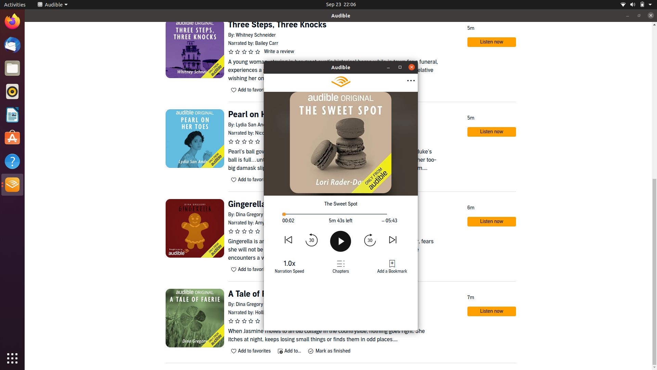 The width and height of the screenshot is (657, 370). What do you see at coordinates (392, 266) in the screenshot?
I see `Mark the active webpage for future reference` at bounding box center [392, 266].